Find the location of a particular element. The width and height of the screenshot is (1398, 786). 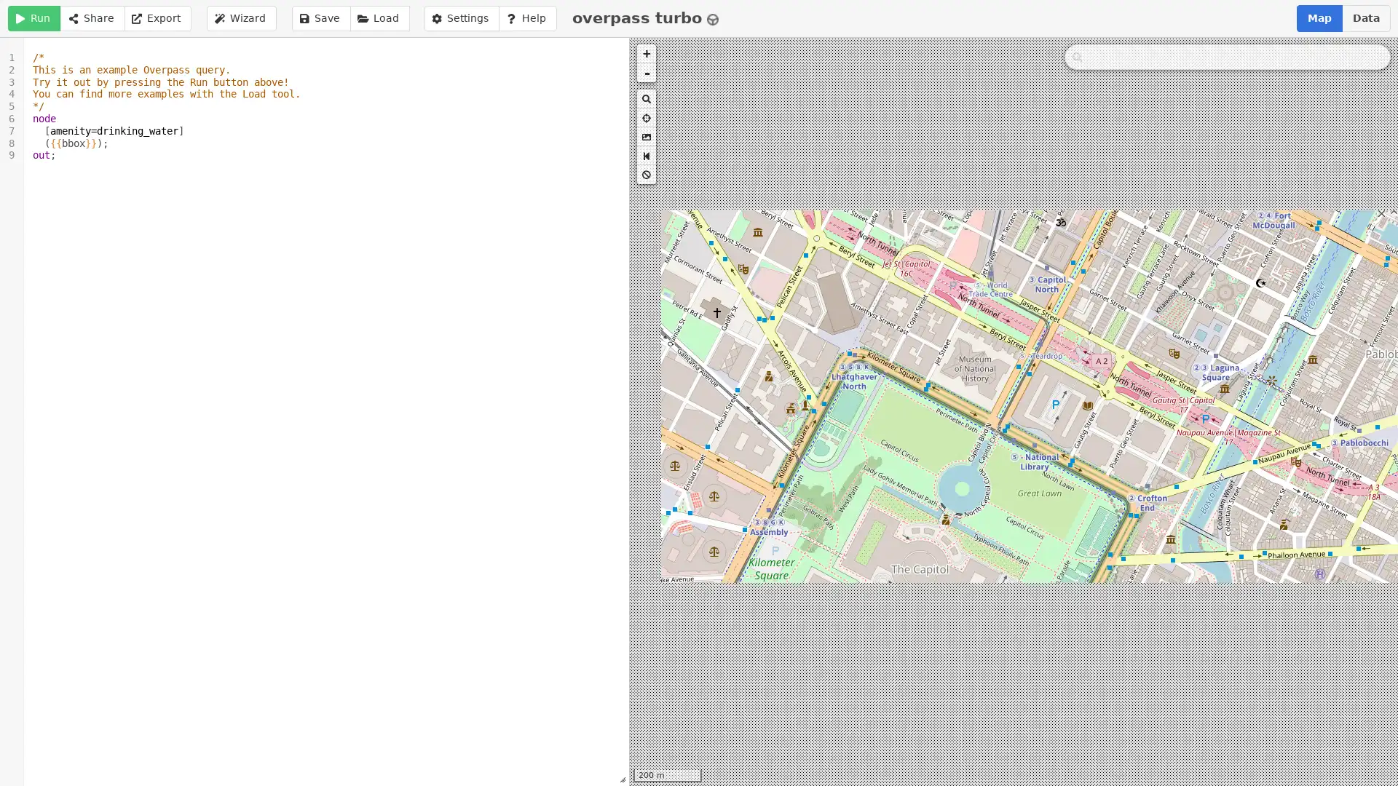

Export is located at coordinates (157, 18).